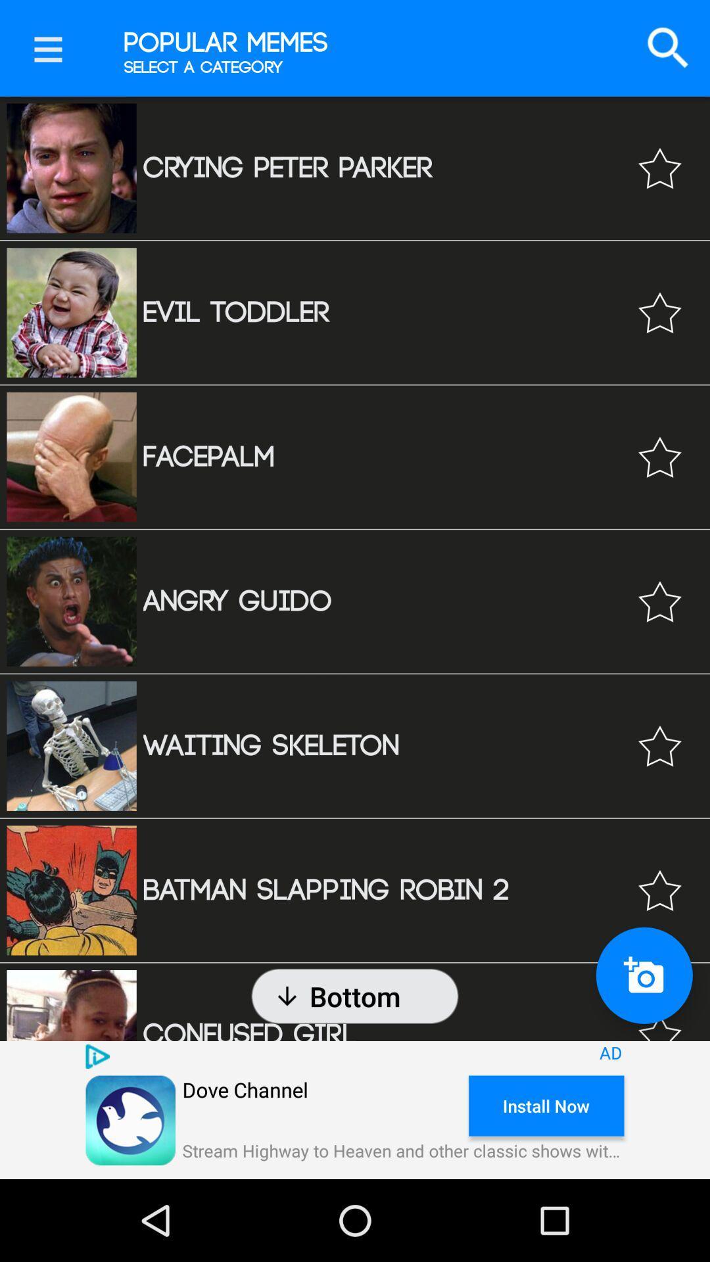 The image size is (710, 1262). Describe the element at coordinates (644, 975) in the screenshot. I see `take a photo` at that location.